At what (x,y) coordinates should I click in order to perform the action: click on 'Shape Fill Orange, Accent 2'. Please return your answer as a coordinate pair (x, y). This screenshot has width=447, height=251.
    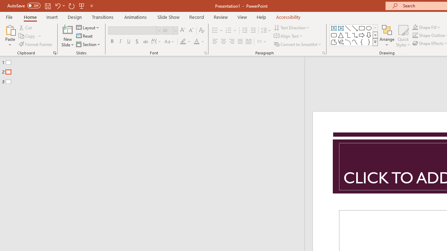
    Looking at the image, I should click on (415, 27).